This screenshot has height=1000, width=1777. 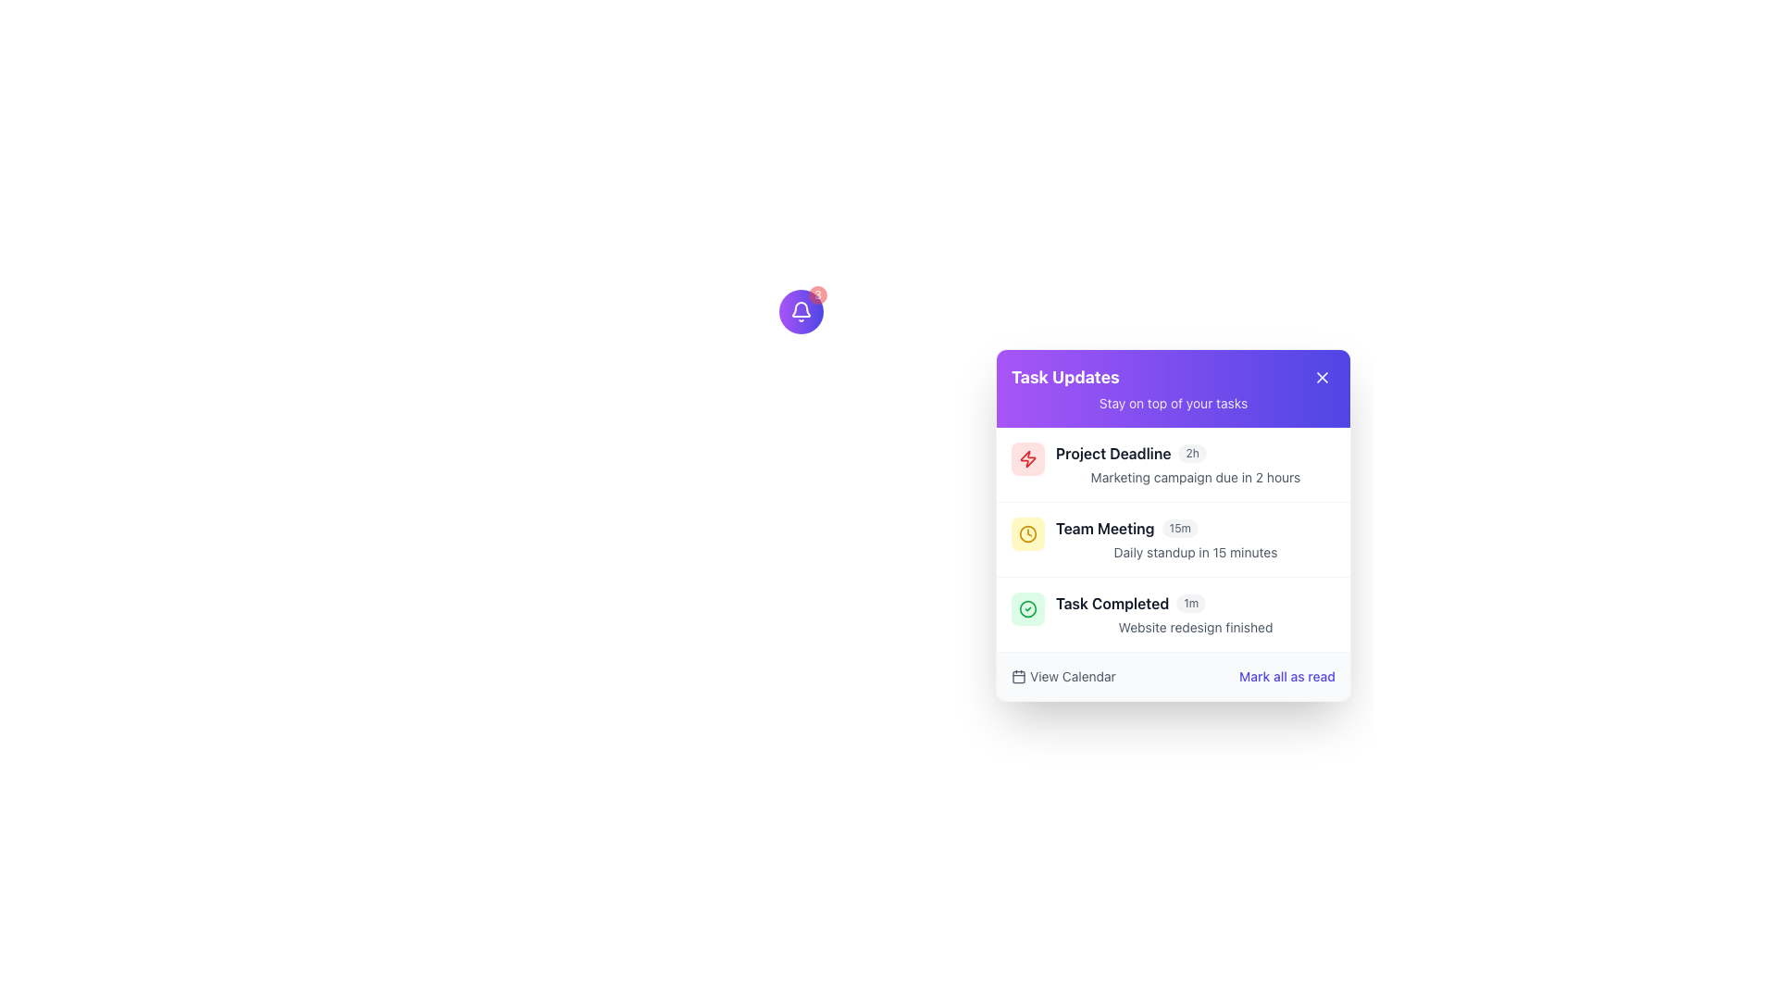 What do you see at coordinates (1322, 377) in the screenshot?
I see `the close icon (an 'X' shape with a rounded stroke) located in the top-right corner of the purple header section titled 'Task Updates'` at bounding box center [1322, 377].